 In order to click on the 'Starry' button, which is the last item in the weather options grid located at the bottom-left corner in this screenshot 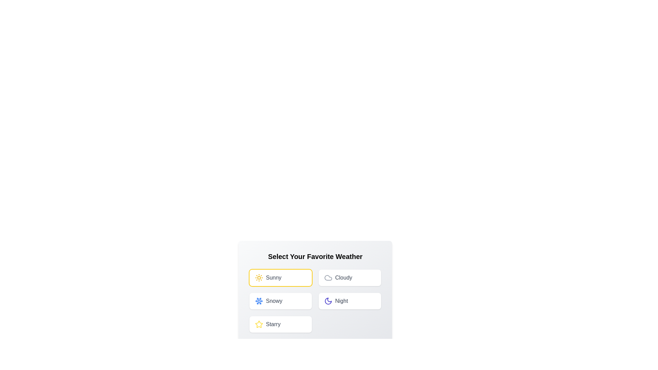, I will do `click(281, 324)`.